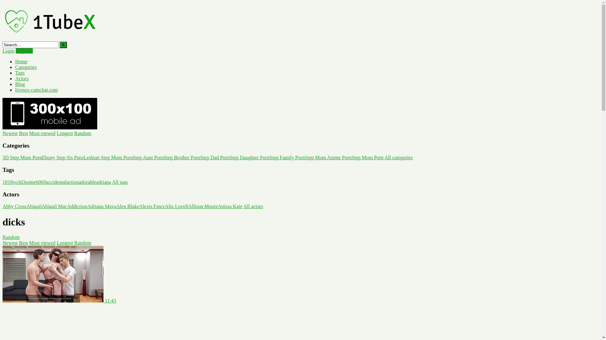 Image resolution: width=606 pixels, height=340 pixels. What do you see at coordinates (82, 242) in the screenshot?
I see `'Random'` at bounding box center [82, 242].